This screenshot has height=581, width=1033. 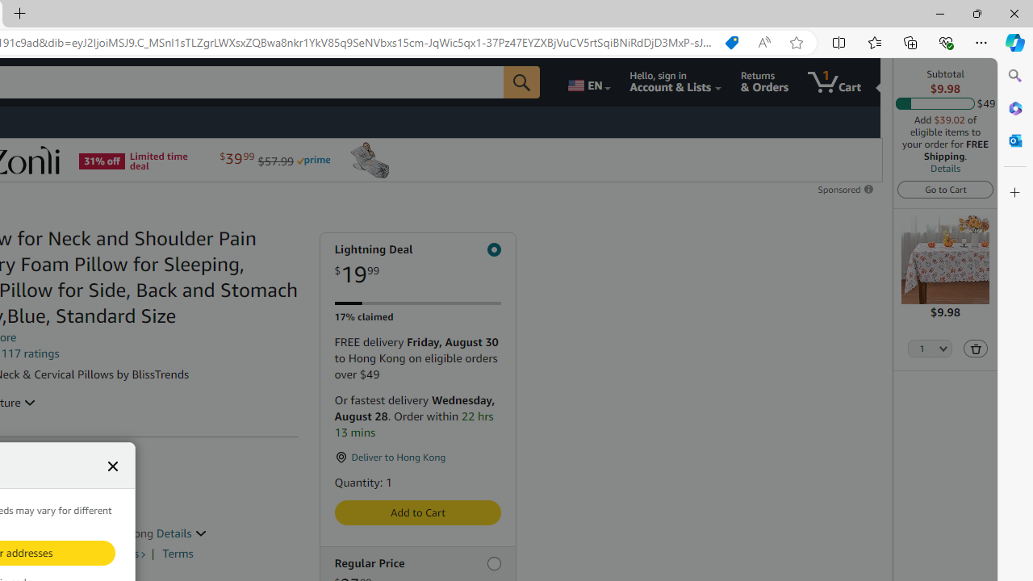 What do you see at coordinates (522, 82) in the screenshot?
I see `'Go'` at bounding box center [522, 82].